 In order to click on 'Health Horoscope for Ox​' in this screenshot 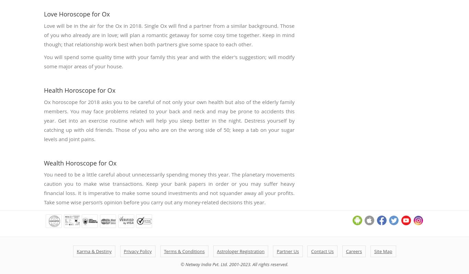, I will do `click(79, 90)`.